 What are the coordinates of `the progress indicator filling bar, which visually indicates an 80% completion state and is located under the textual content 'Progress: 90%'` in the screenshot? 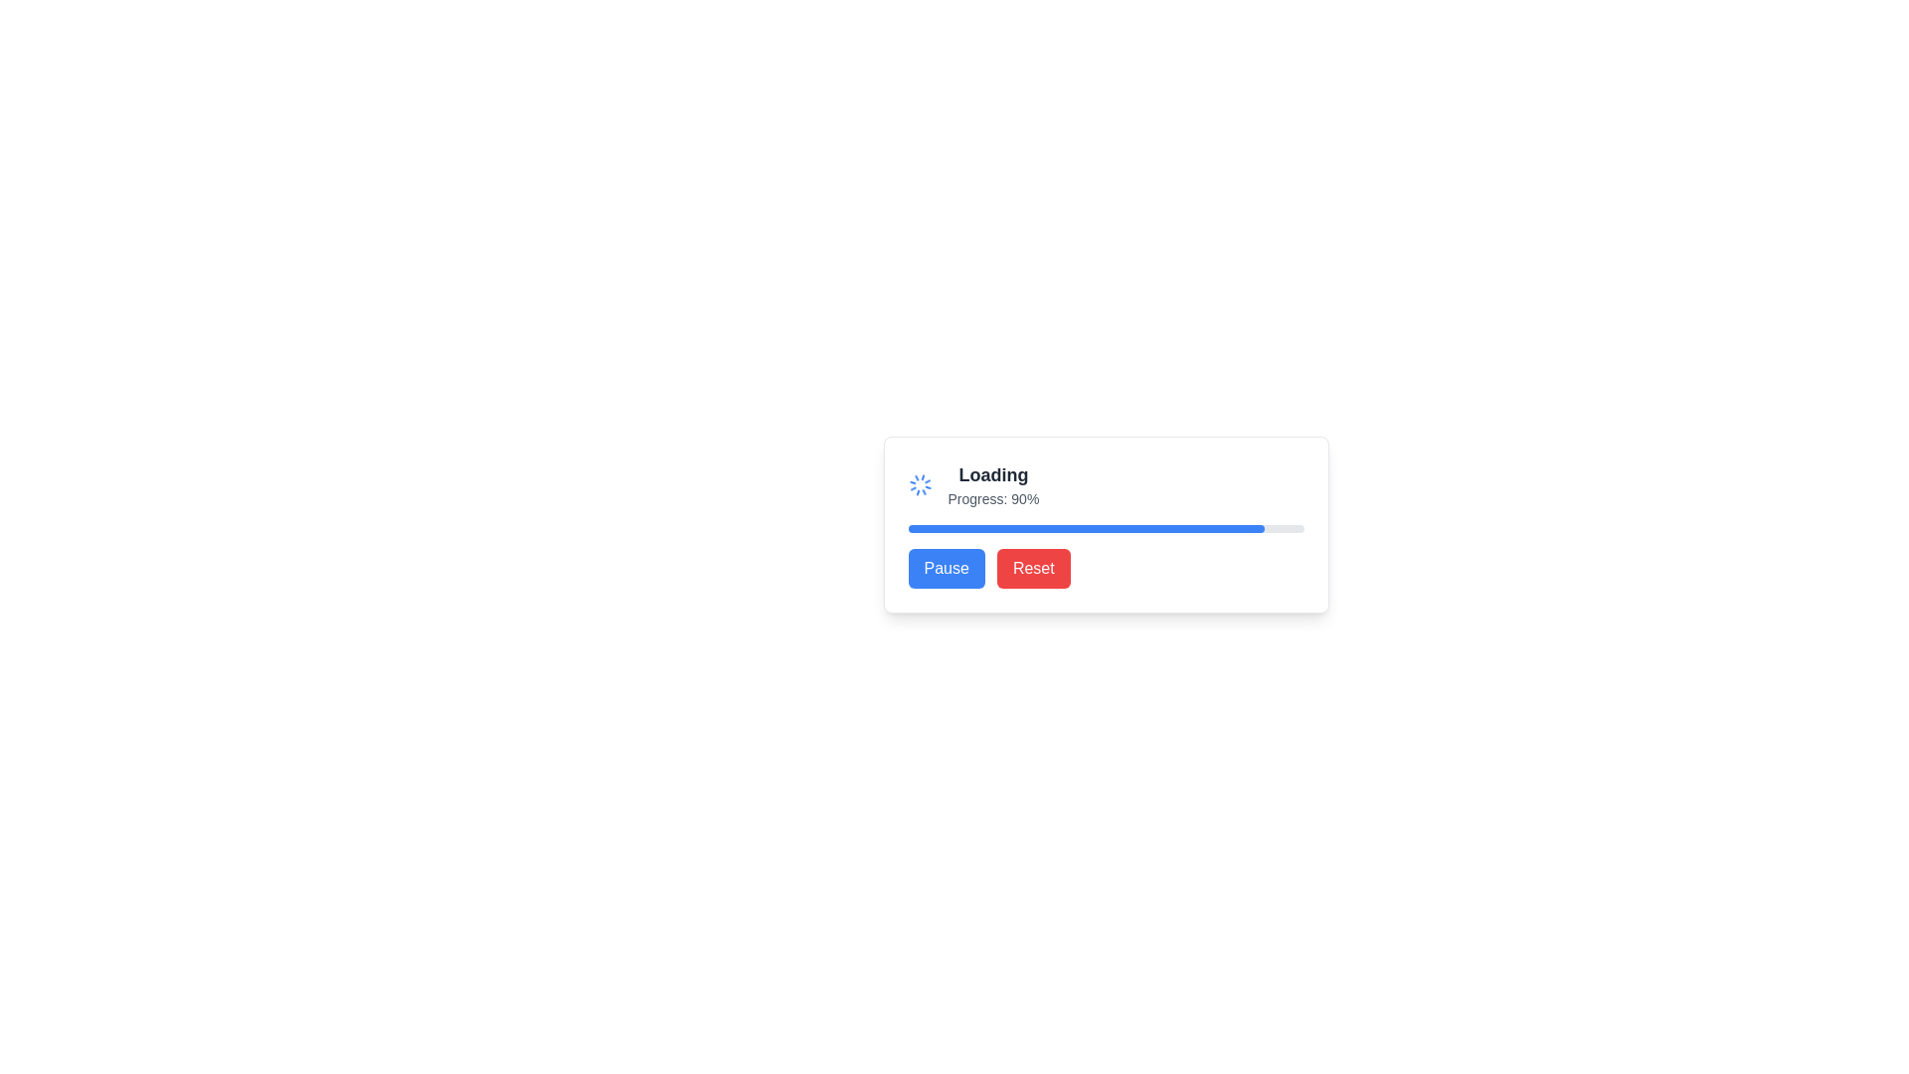 It's located at (1065, 528).